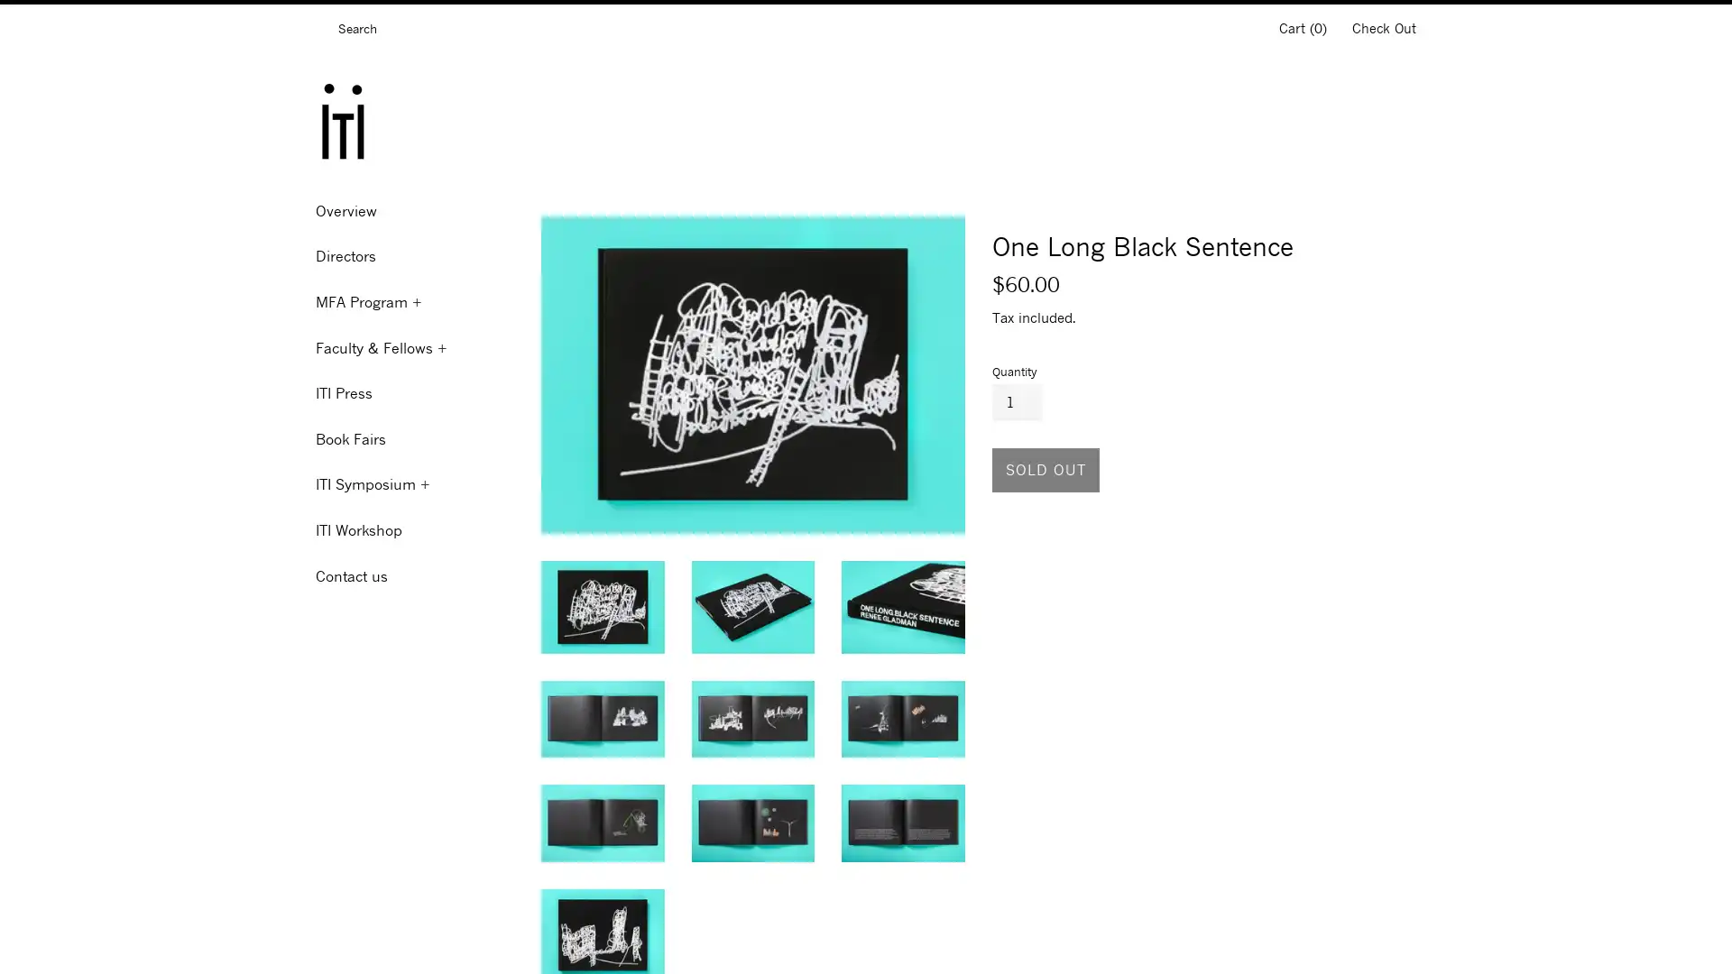 This screenshot has width=1732, height=974. What do you see at coordinates (414, 483) in the screenshot?
I see `ITI Symposium` at bounding box center [414, 483].